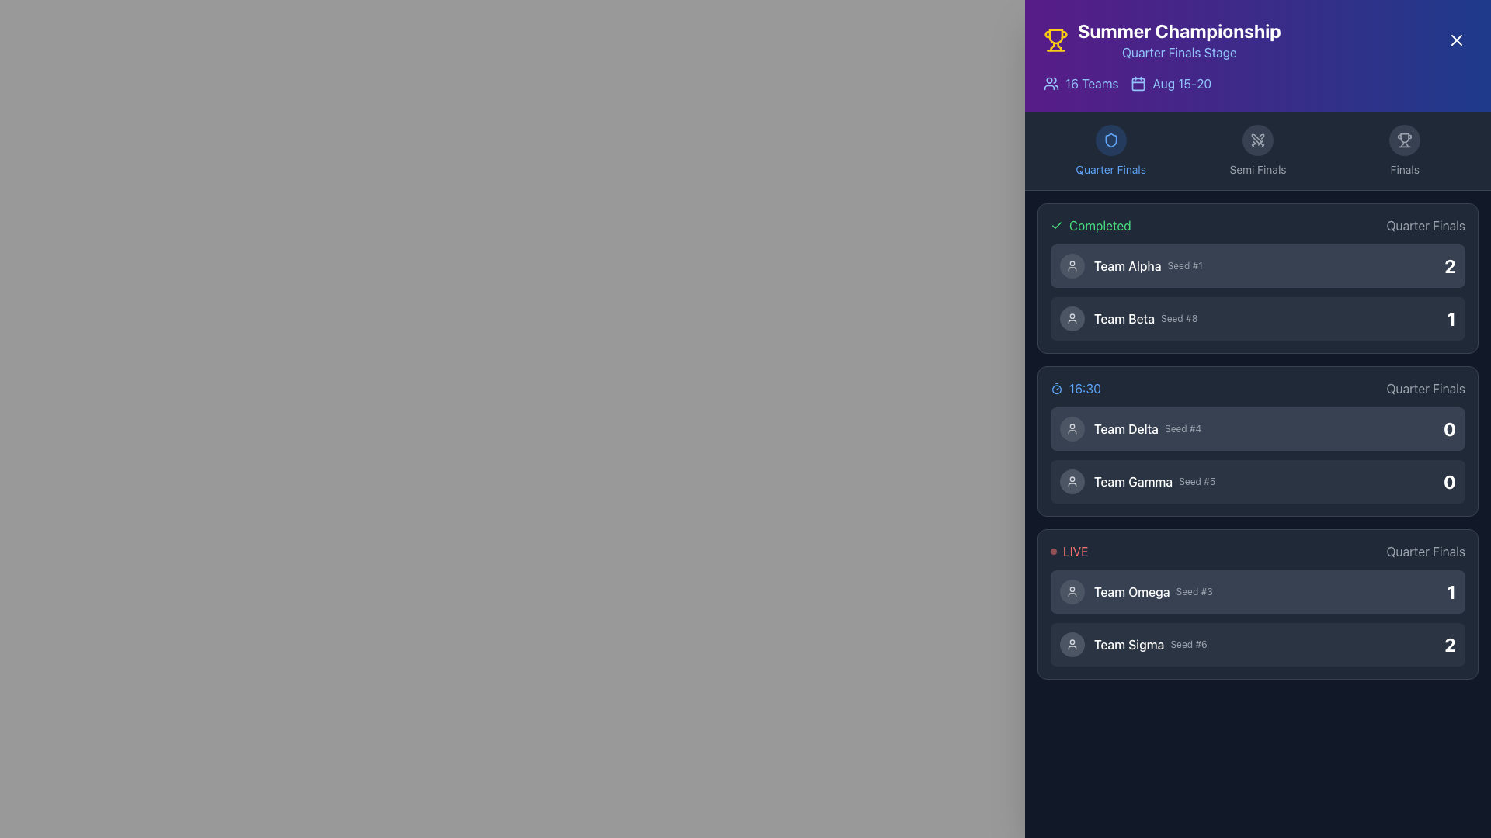 Image resolution: width=1491 pixels, height=838 pixels. Describe the element at coordinates (1258, 318) in the screenshot. I see `the list item displaying 'Team Beta' with 'Seed #8'` at that location.